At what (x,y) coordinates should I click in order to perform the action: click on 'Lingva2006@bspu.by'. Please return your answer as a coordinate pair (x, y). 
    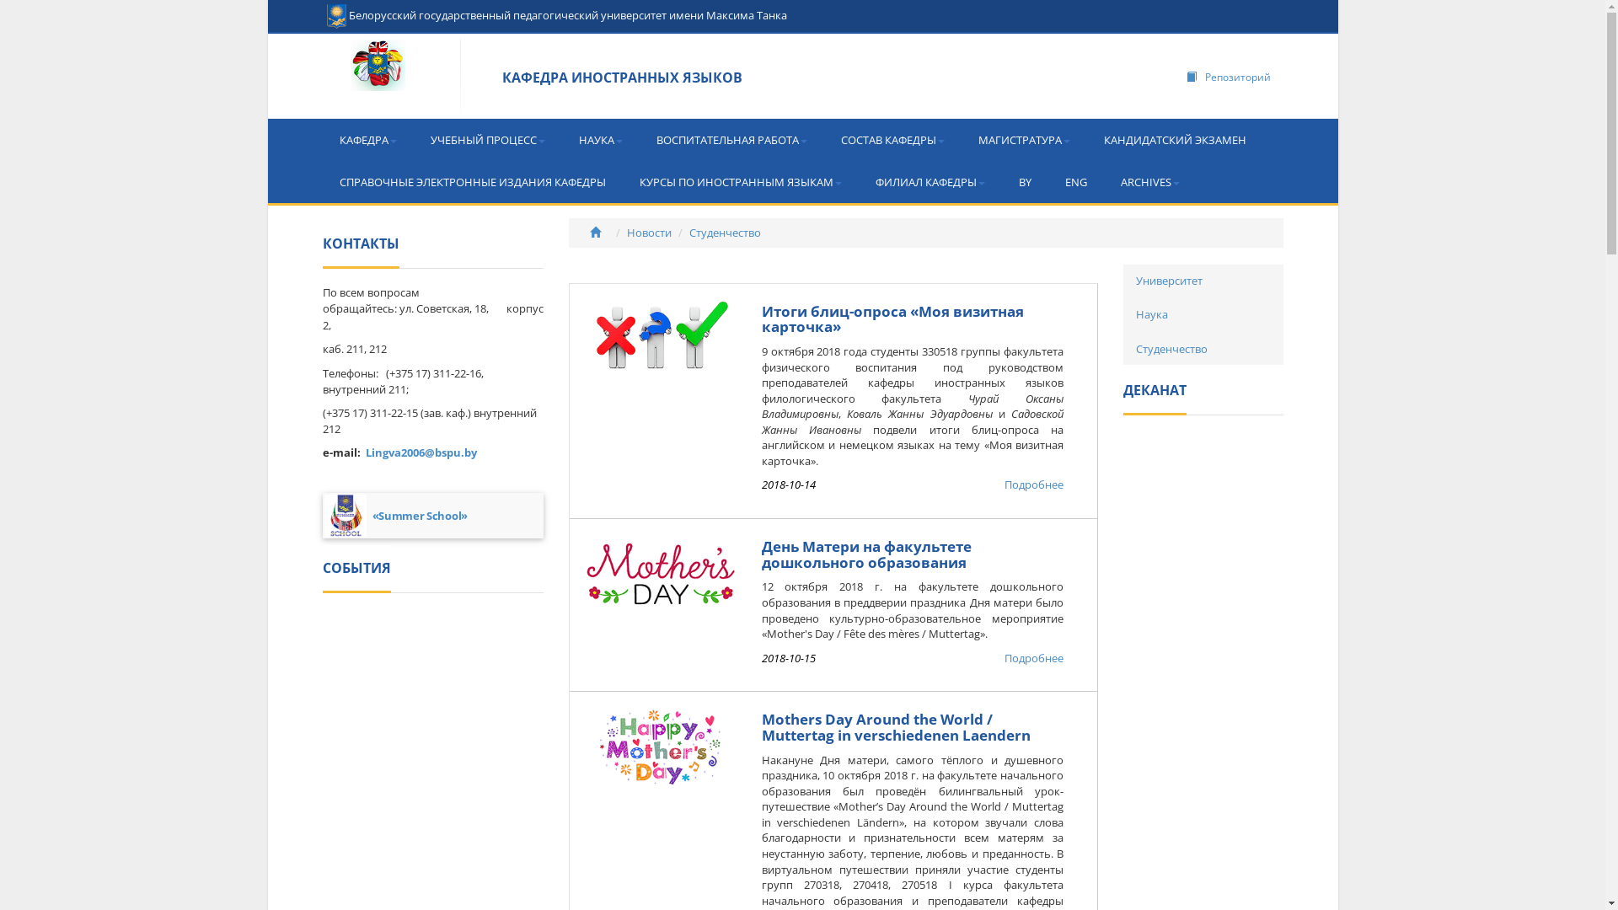
    Looking at the image, I should click on (421, 451).